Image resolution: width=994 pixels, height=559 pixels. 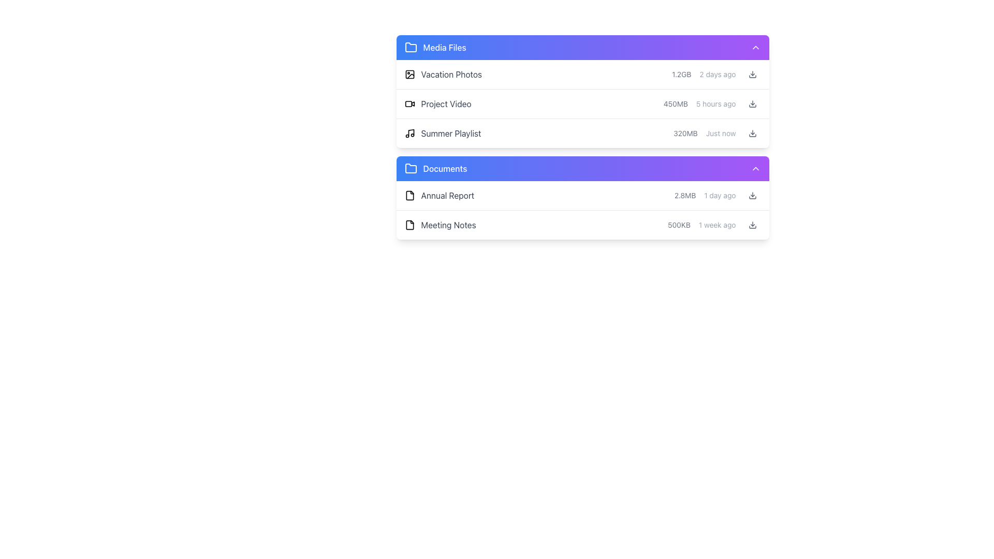 I want to click on the text display showing file metadata information for 'Summer Playlist', indicating the size '320MB' and time 'Just now', so click(x=717, y=133).